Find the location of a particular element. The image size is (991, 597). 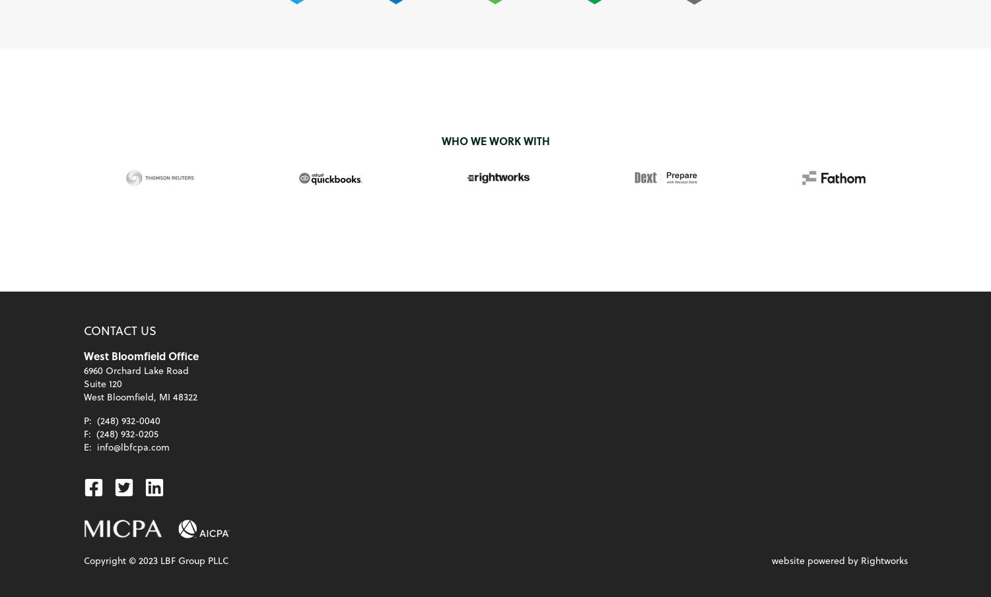

'e:' is located at coordinates (82, 447).